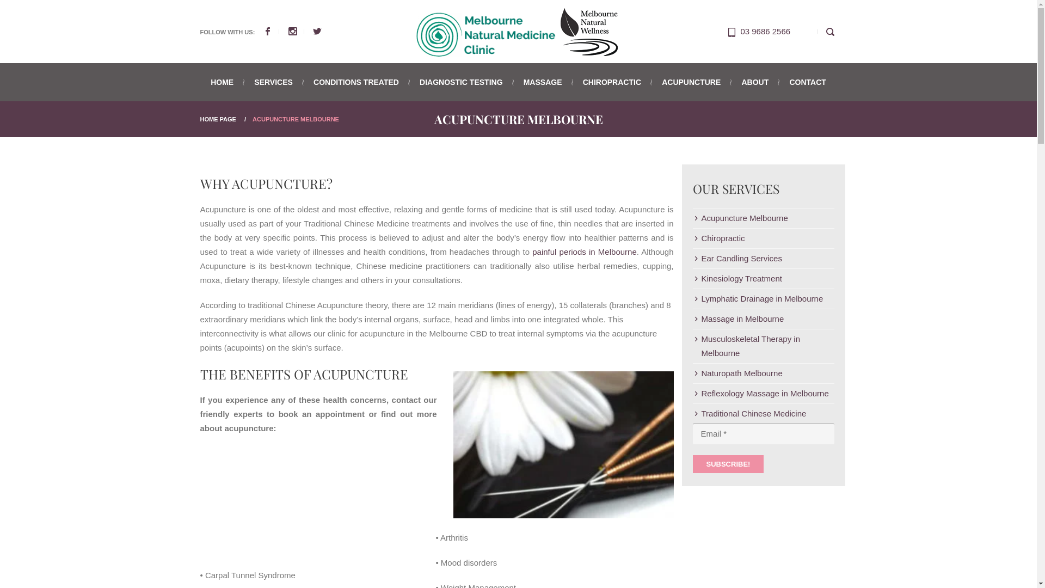 This screenshot has height=588, width=1045. What do you see at coordinates (765, 30) in the screenshot?
I see `'03 9686 2566'` at bounding box center [765, 30].